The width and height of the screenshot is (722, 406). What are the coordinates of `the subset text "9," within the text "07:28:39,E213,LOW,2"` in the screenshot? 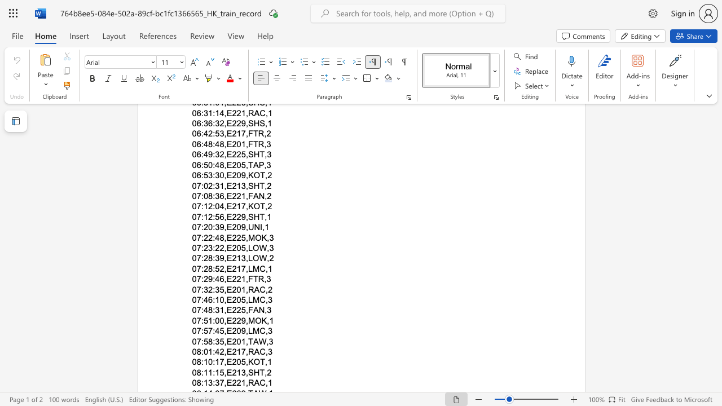 It's located at (219, 258).